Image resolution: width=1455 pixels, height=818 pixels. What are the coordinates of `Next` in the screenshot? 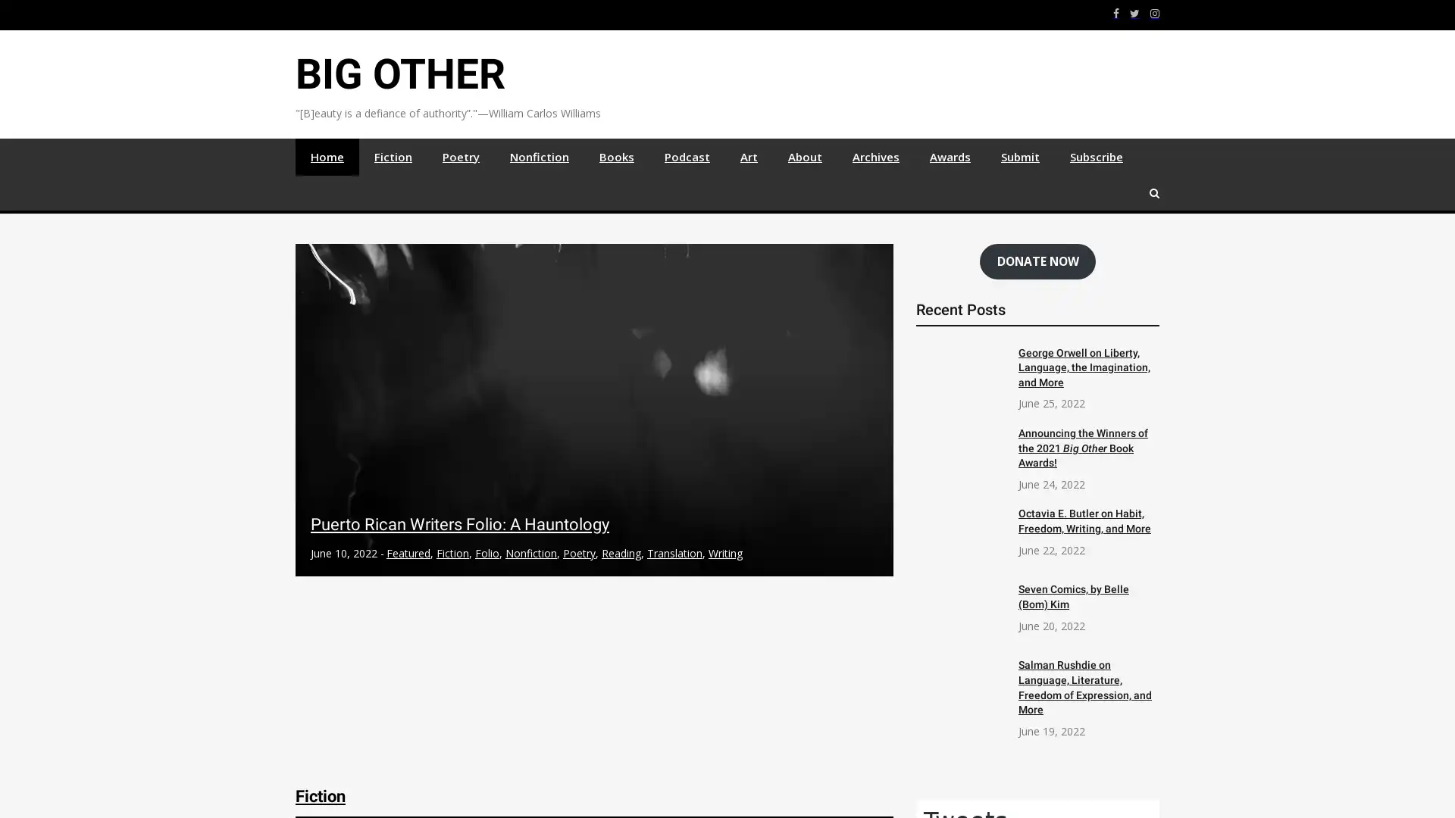 It's located at (872, 439).